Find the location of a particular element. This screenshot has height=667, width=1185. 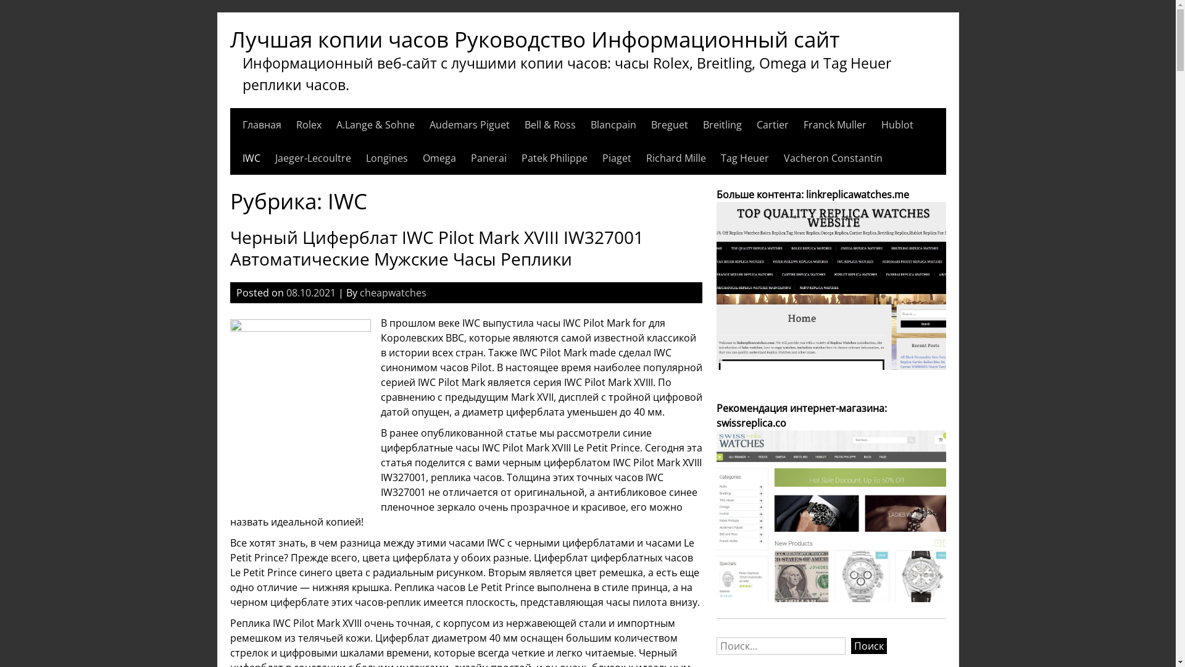

'Blancpain' is located at coordinates (613, 124).